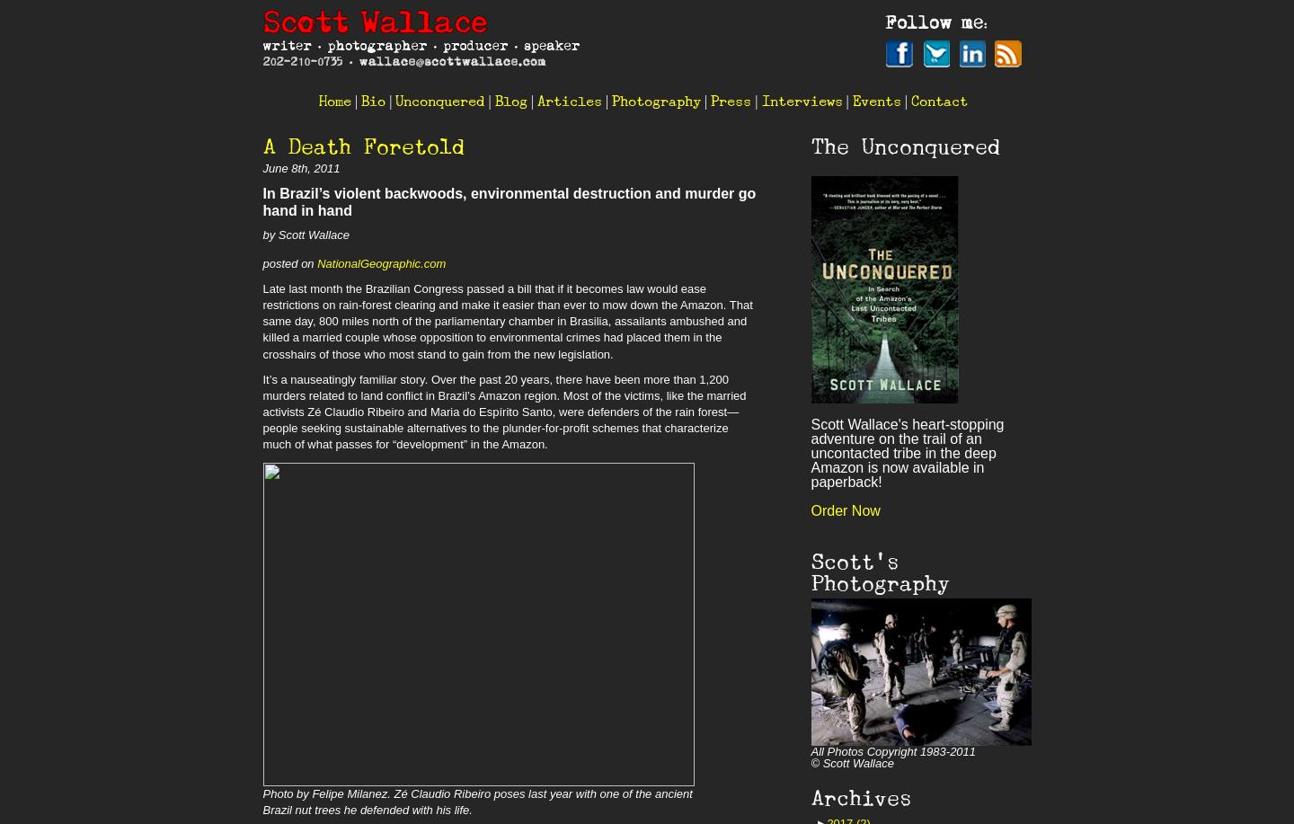  What do you see at coordinates (300, 168) in the screenshot?
I see `'June 8th, 2011'` at bounding box center [300, 168].